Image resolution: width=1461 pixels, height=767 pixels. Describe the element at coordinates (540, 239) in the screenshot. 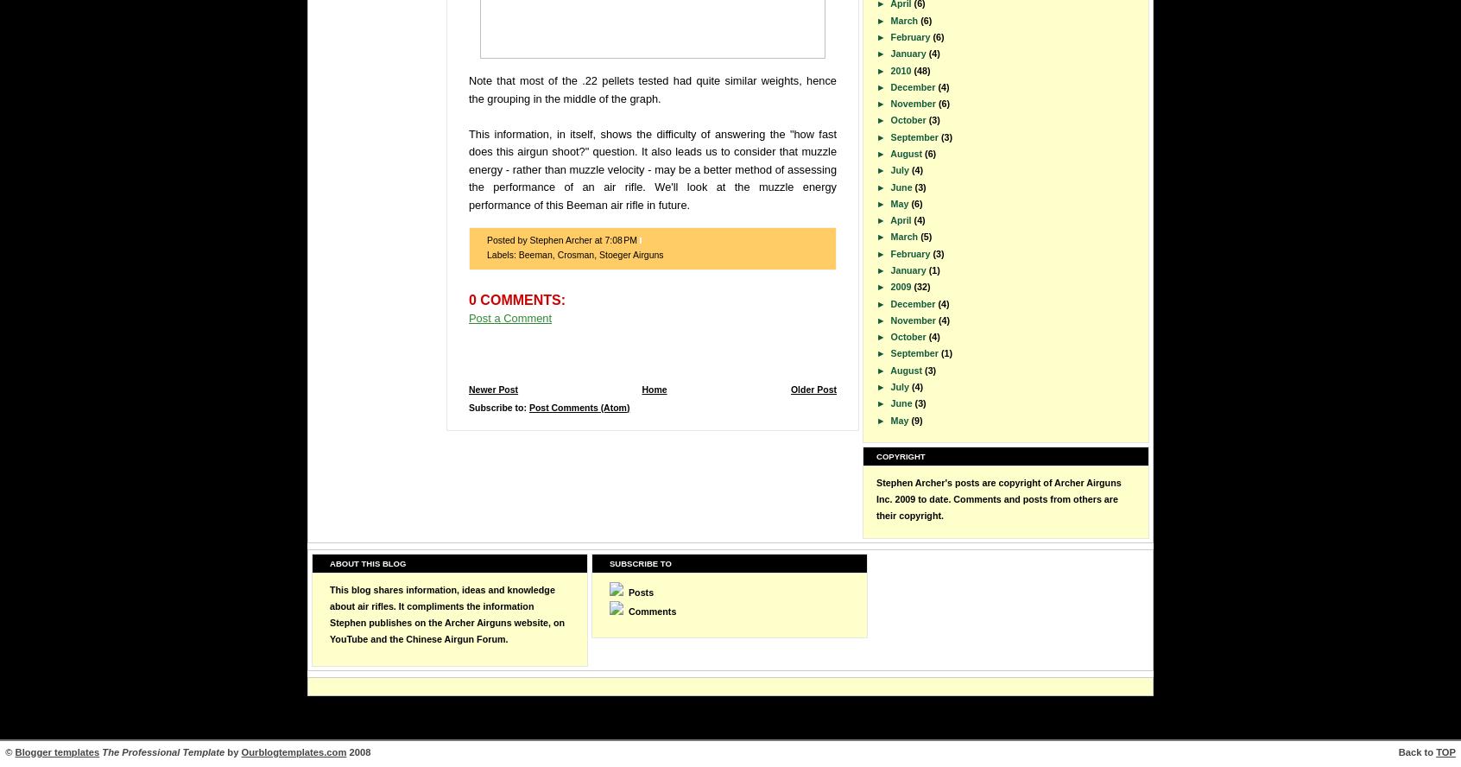

I see `'Posted by
Stephen Archer'` at that location.